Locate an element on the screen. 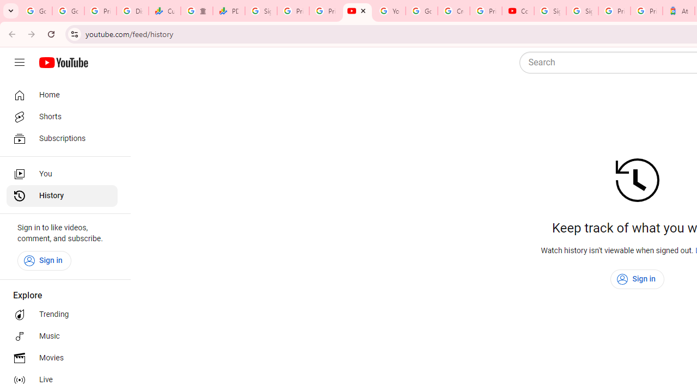 The height and width of the screenshot is (392, 697). 'Trending' is located at coordinates (61, 315).